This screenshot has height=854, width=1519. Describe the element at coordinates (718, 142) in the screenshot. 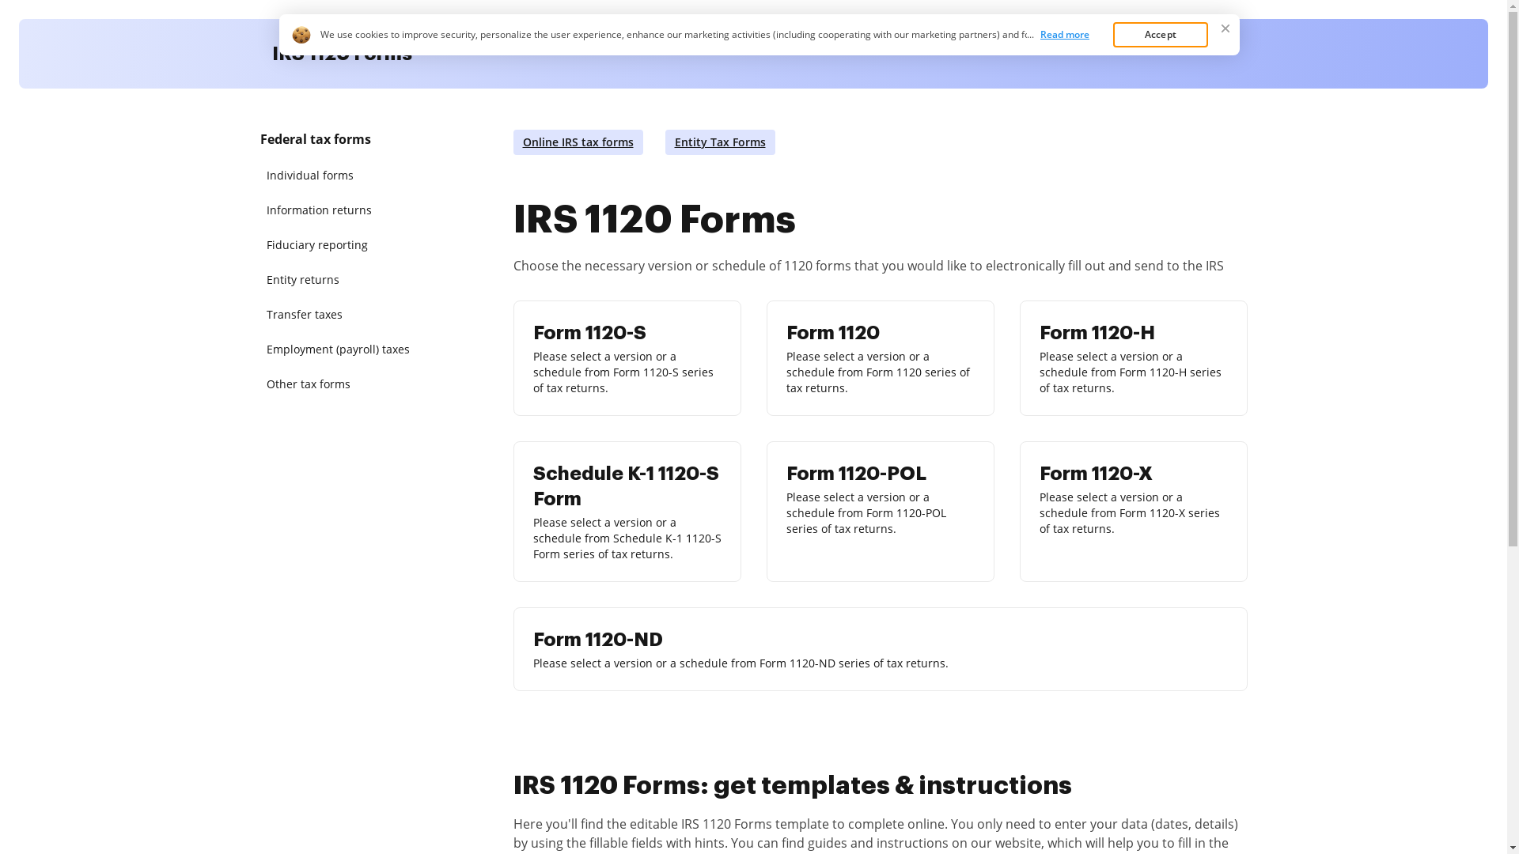

I see `'Entity Tax Forms'` at that location.